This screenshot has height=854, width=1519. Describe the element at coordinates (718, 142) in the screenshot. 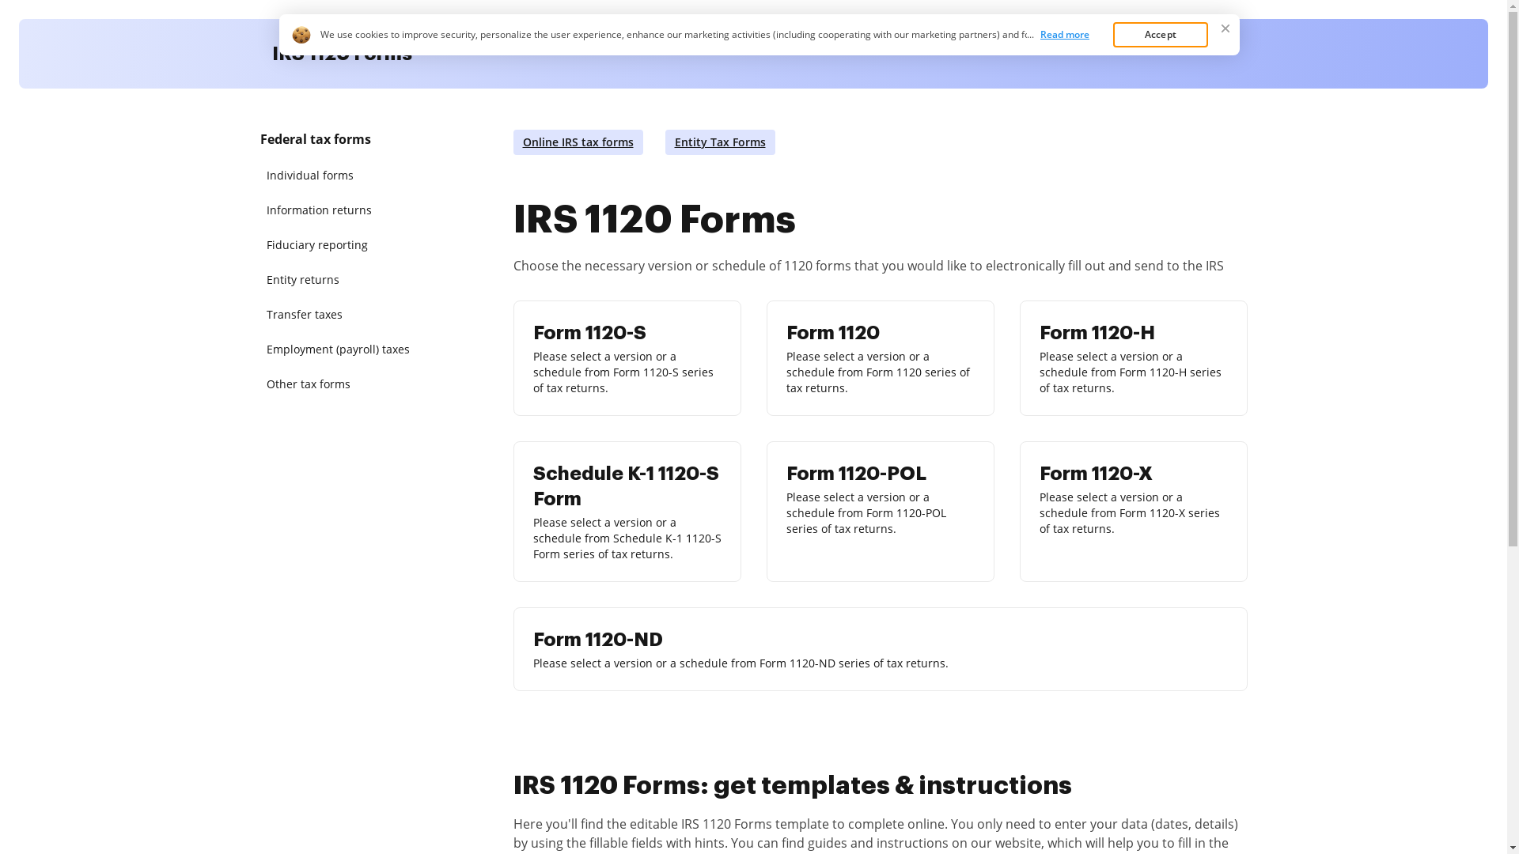

I see `'Entity Tax Forms'` at that location.